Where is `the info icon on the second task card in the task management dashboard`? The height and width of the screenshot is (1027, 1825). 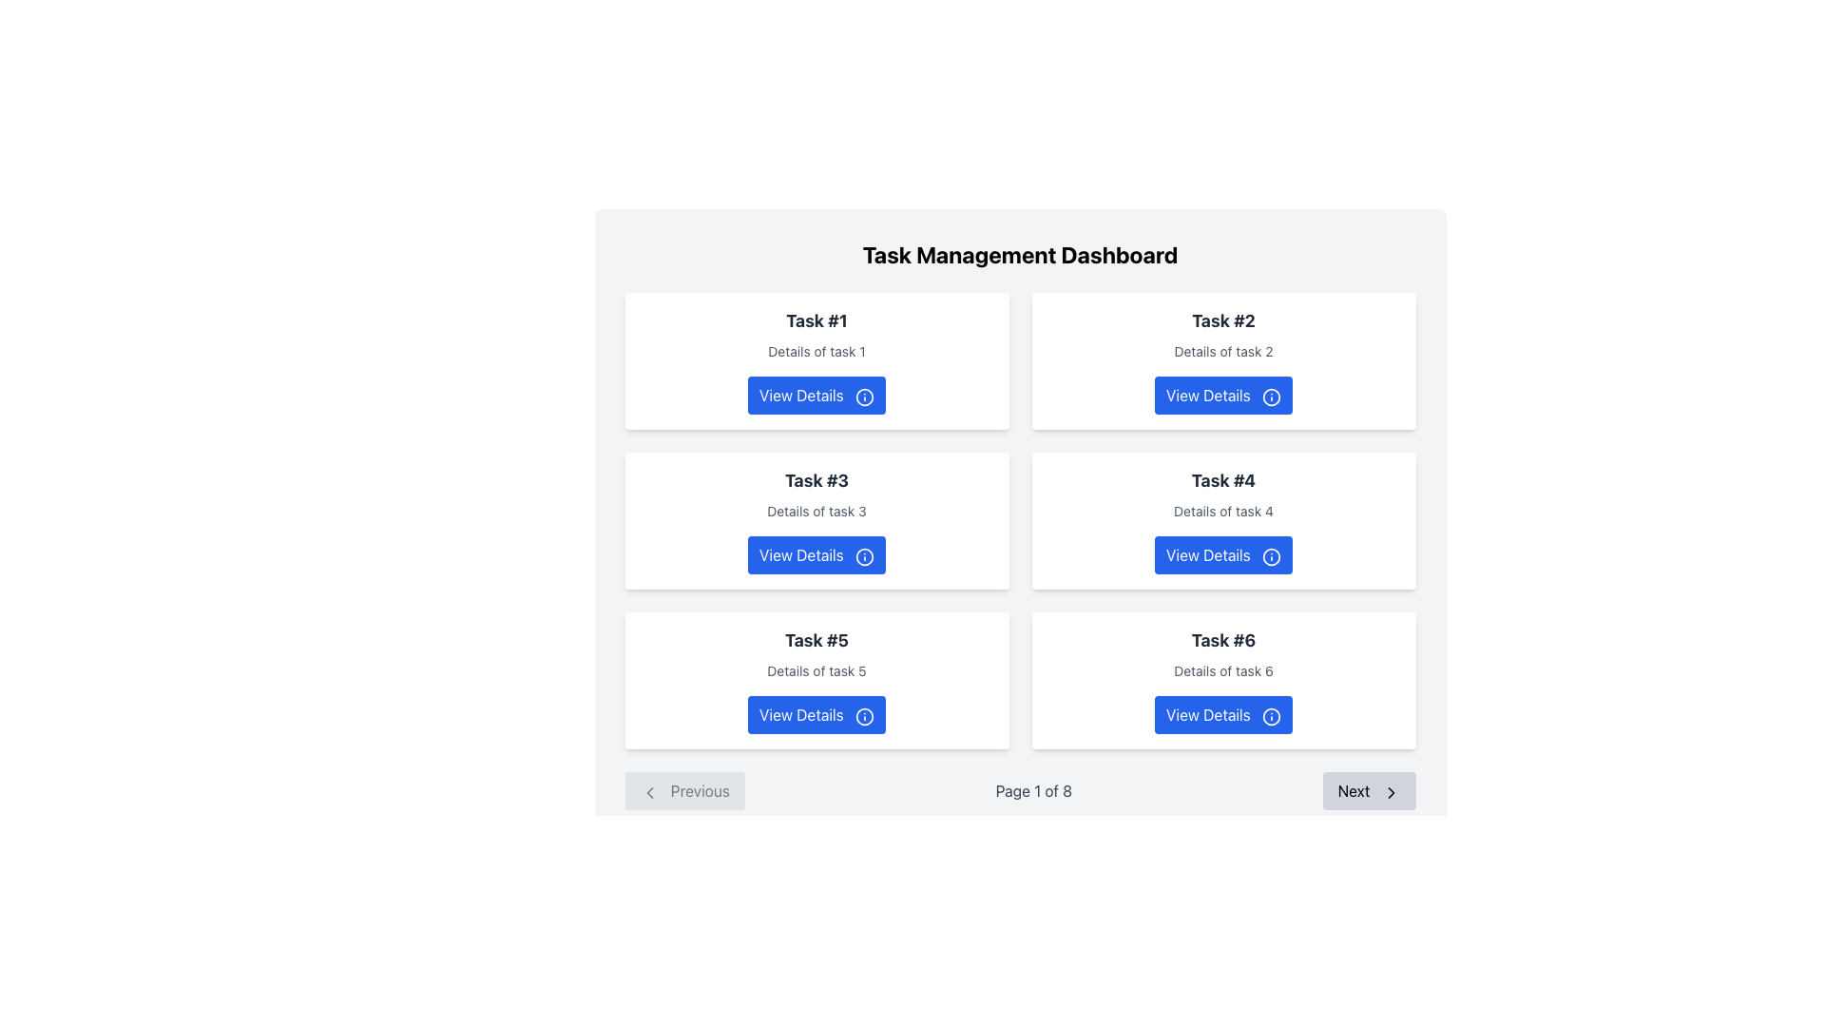
the info icon on the second task card in the task management dashboard is located at coordinates (1223, 361).